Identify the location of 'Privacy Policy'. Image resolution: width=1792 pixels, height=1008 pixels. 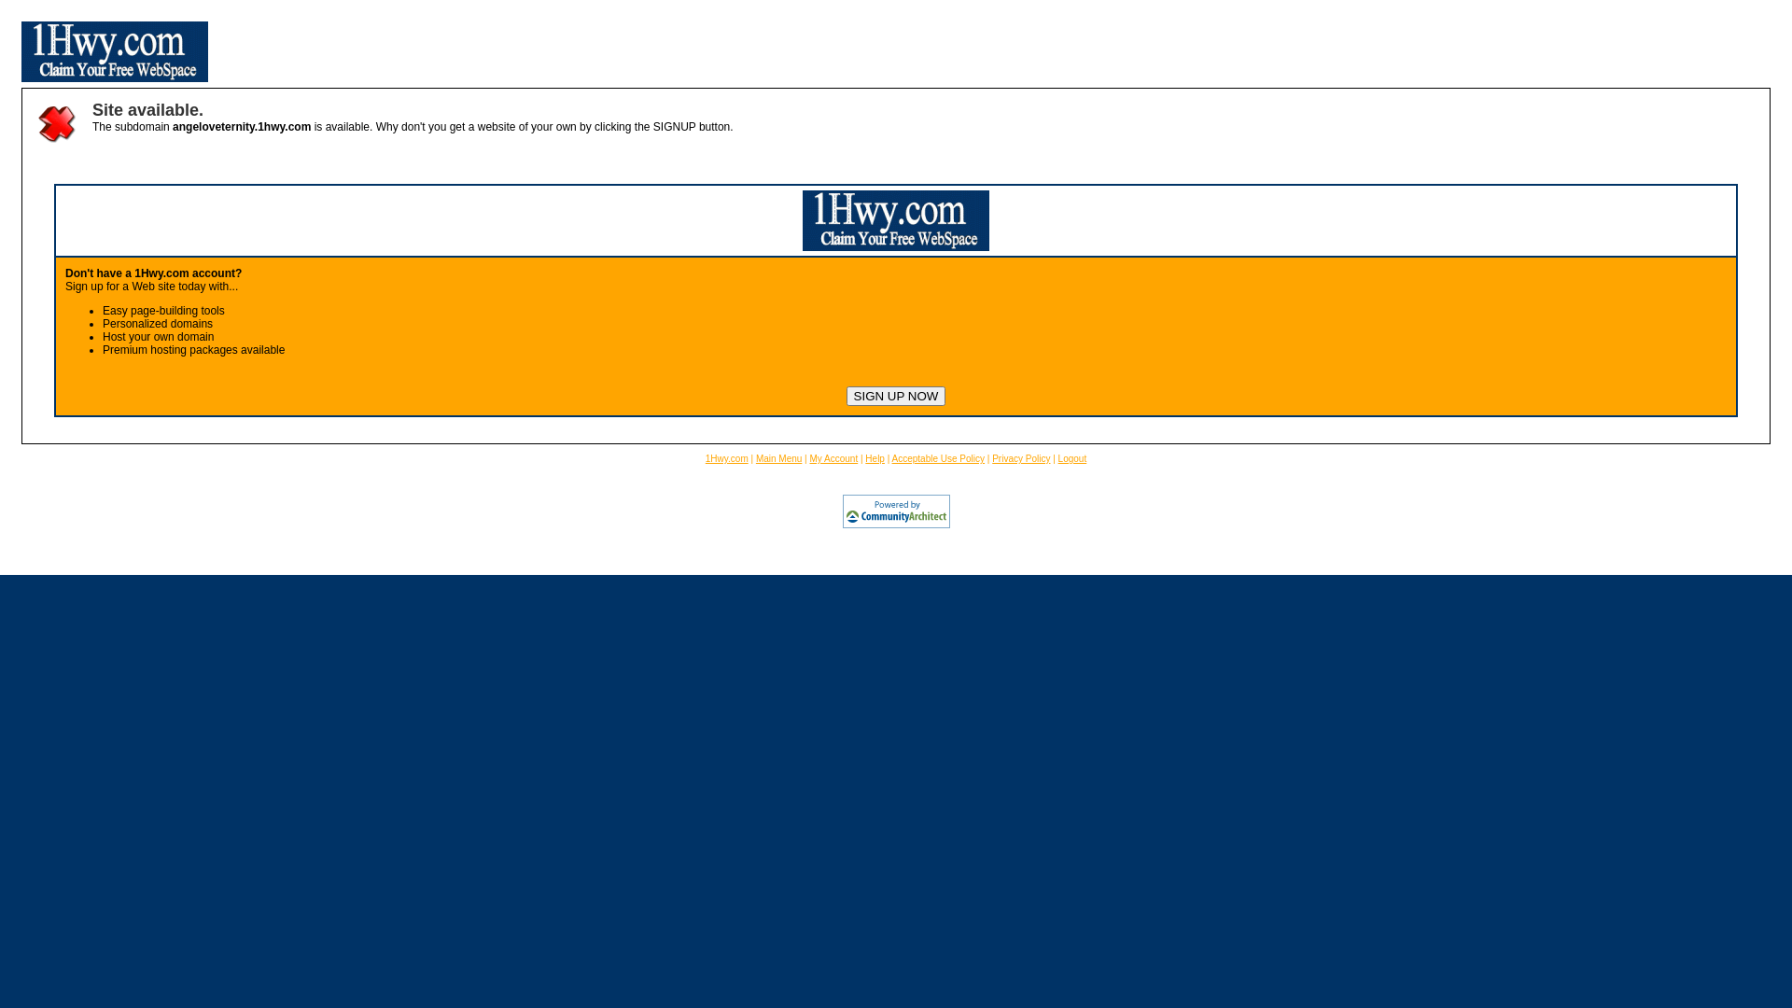
(990, 458).